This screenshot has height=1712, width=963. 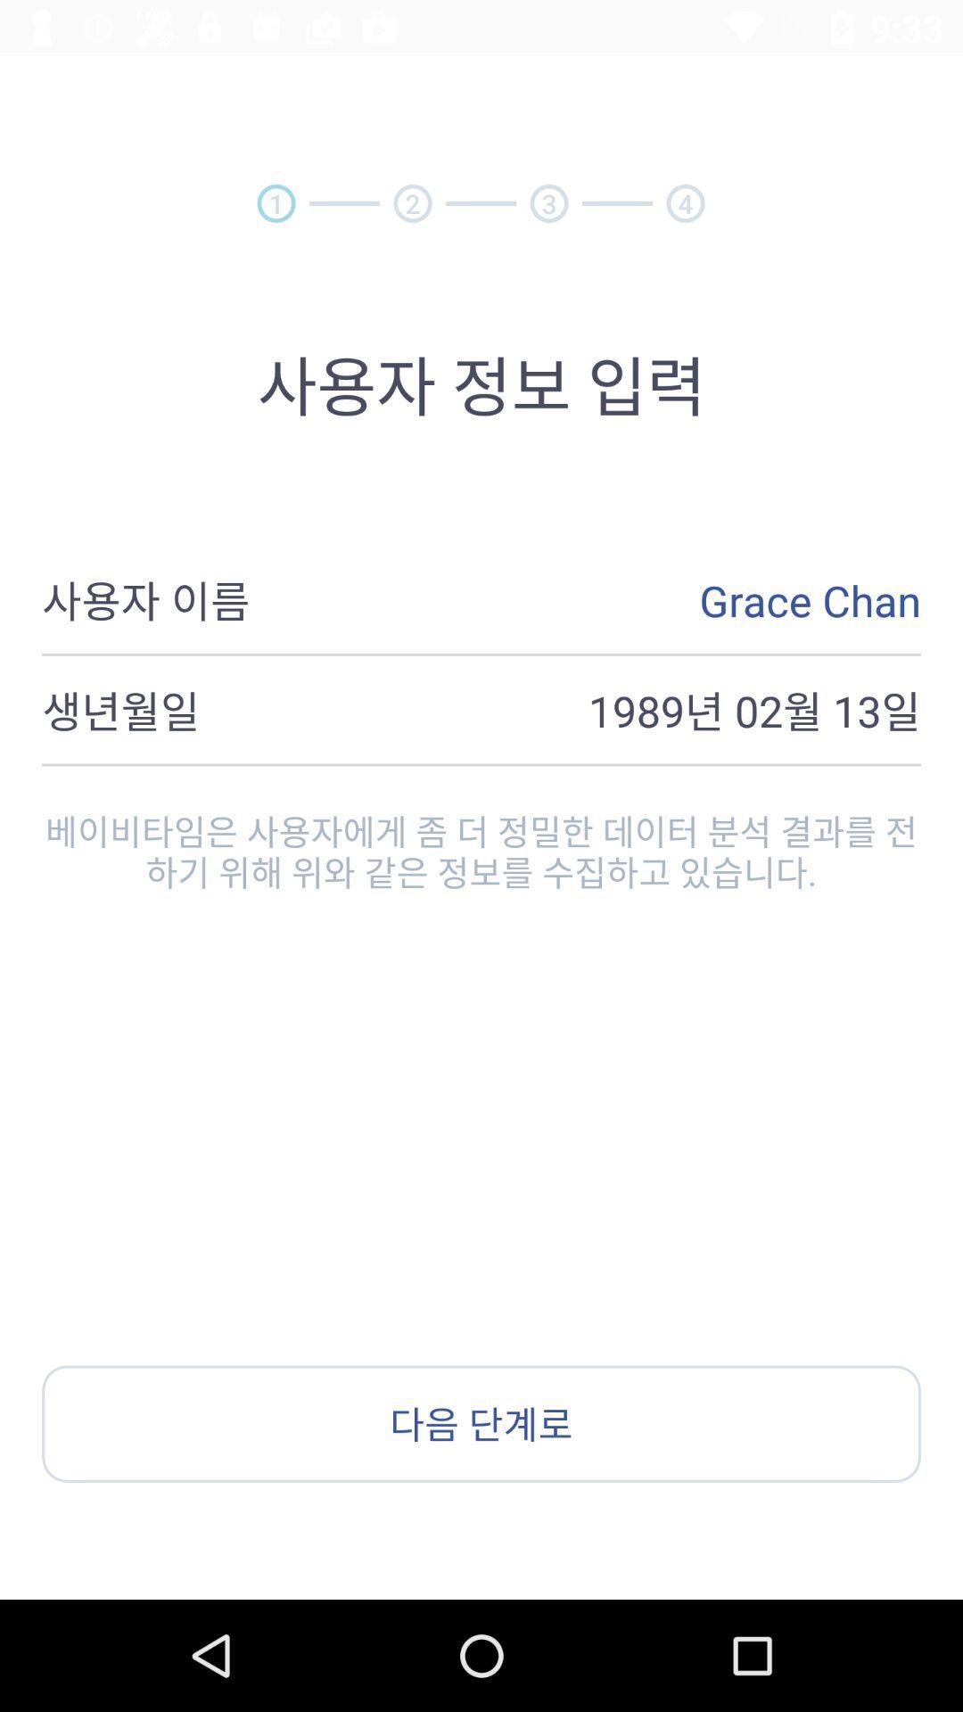 What do you see at coordinates (585, 600) in the screenshot?
I see `the grace chan icon` at bounding box center [585, 600].